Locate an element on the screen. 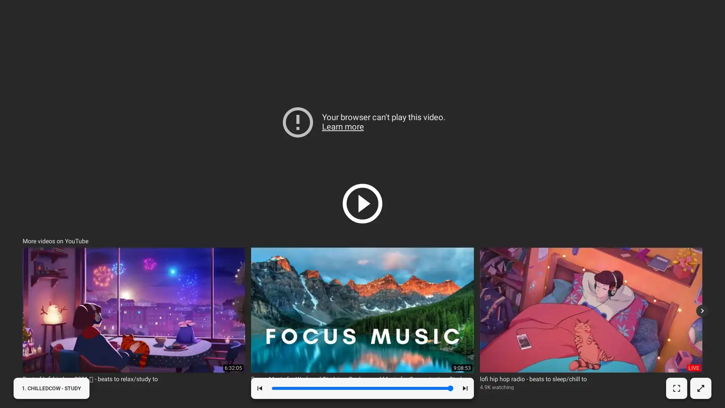 This screenshot has width=725, height=408. open_in_full is located at coordinates (700, 388).